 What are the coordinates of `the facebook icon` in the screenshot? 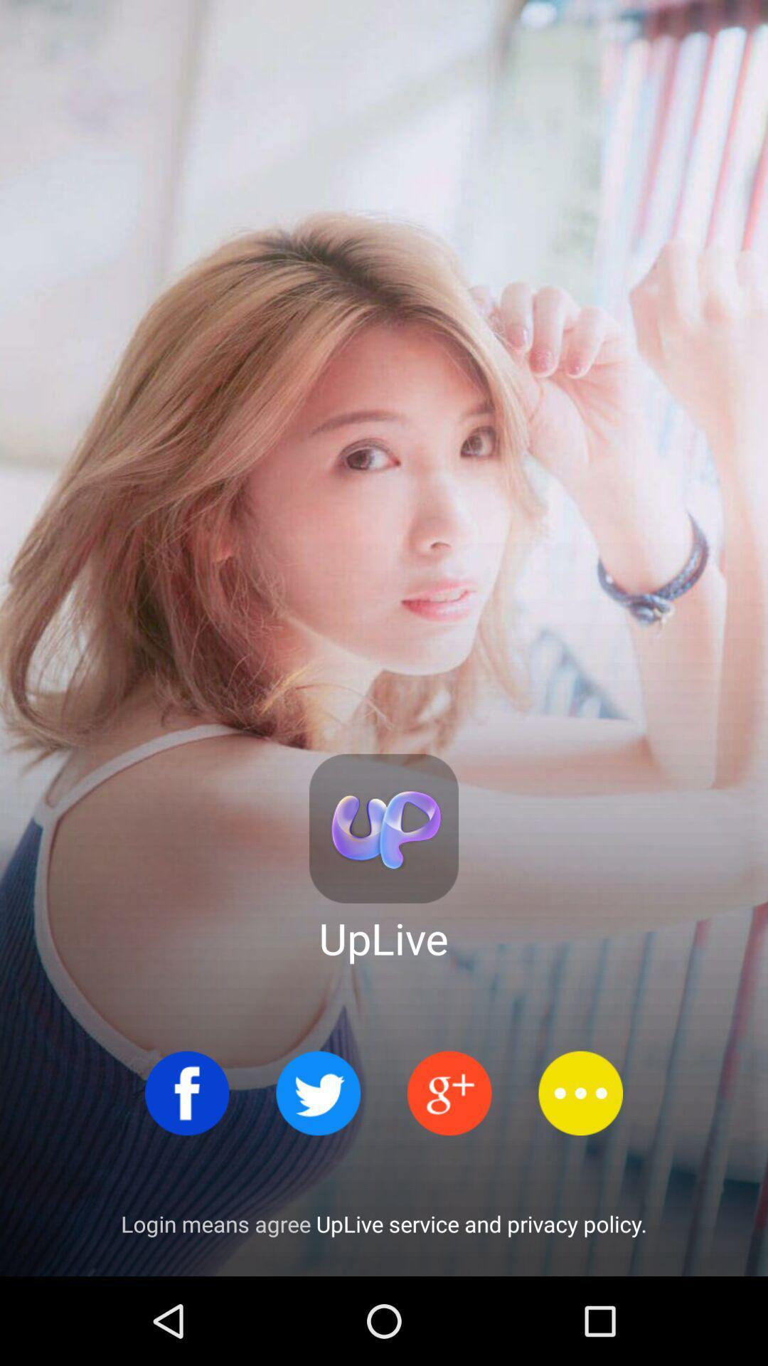 It's located at (186, 1092).